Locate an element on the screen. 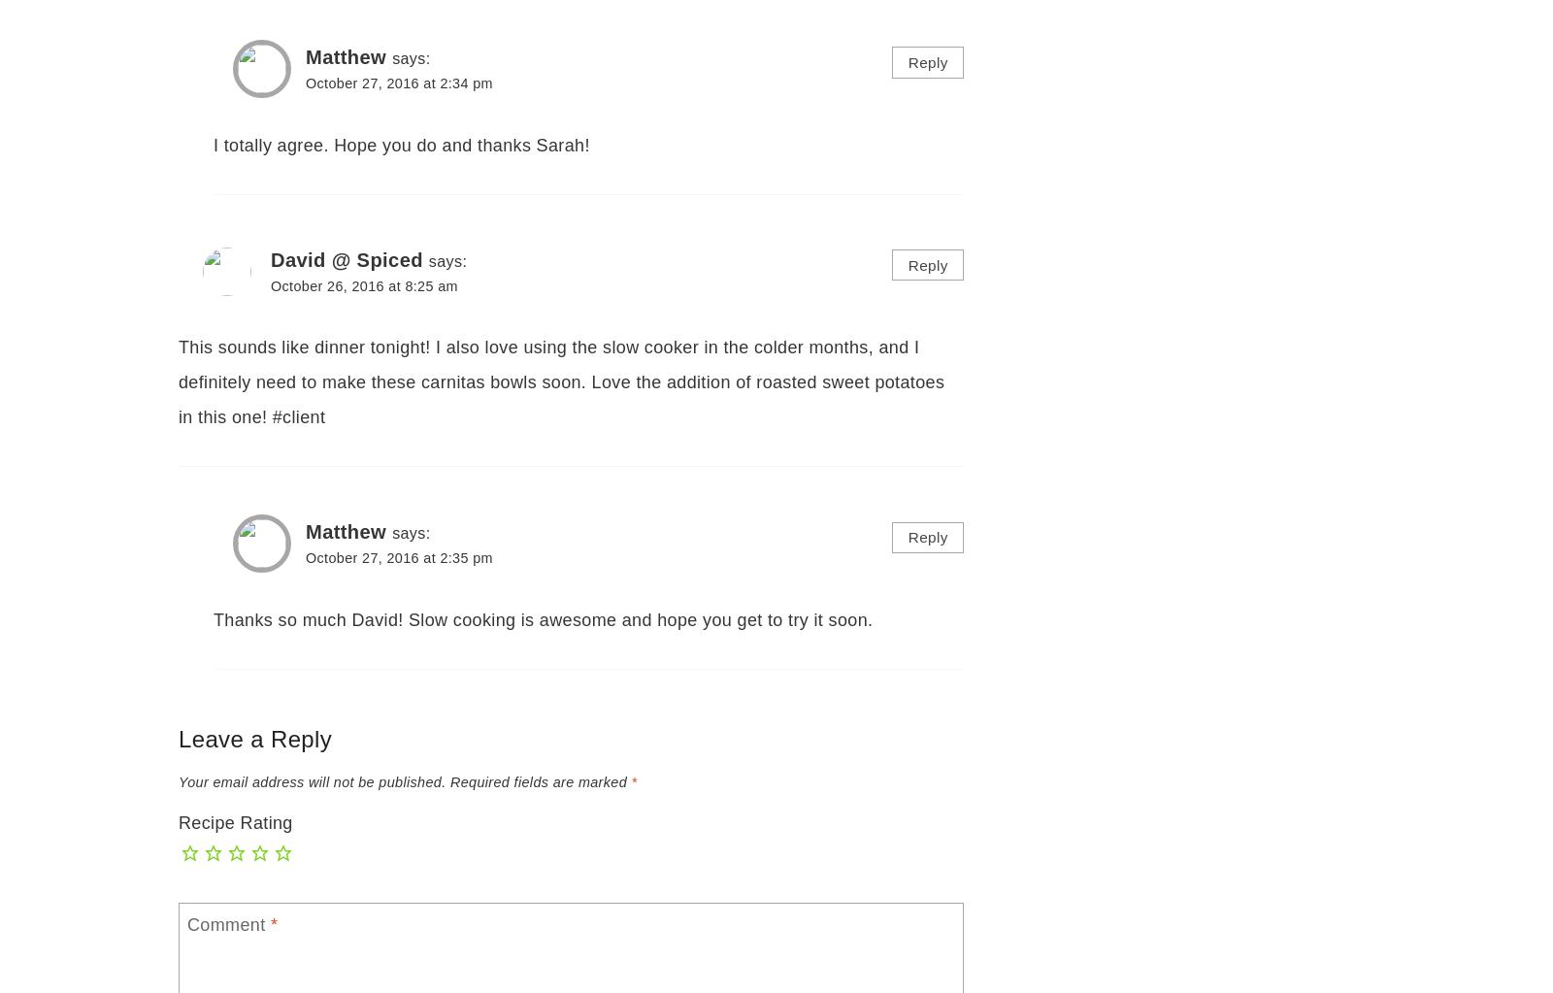 This screenshot has height=993, width=1553. 'I totally agree. Hope you do and thanks Sarah!' is located at coordinates (400, 144).